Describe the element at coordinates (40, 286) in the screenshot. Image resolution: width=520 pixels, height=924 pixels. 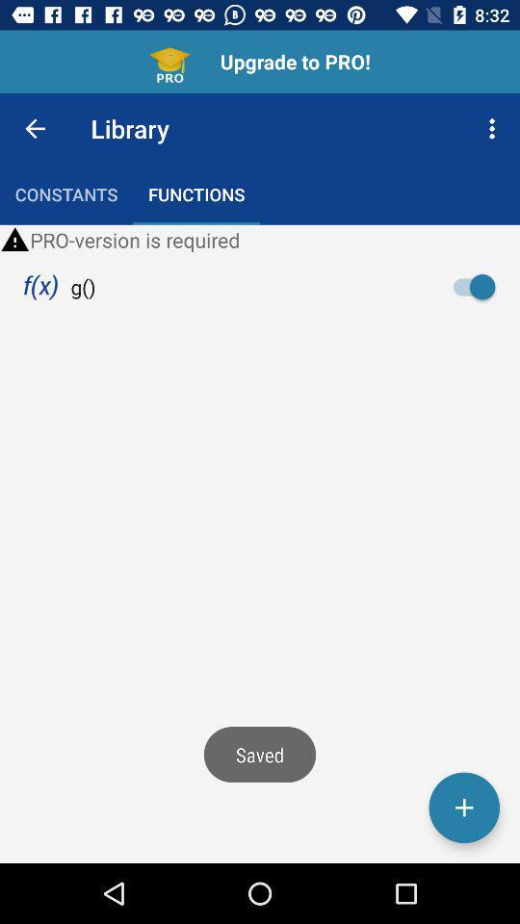
I see `the item to the left of the g() item` at that location.